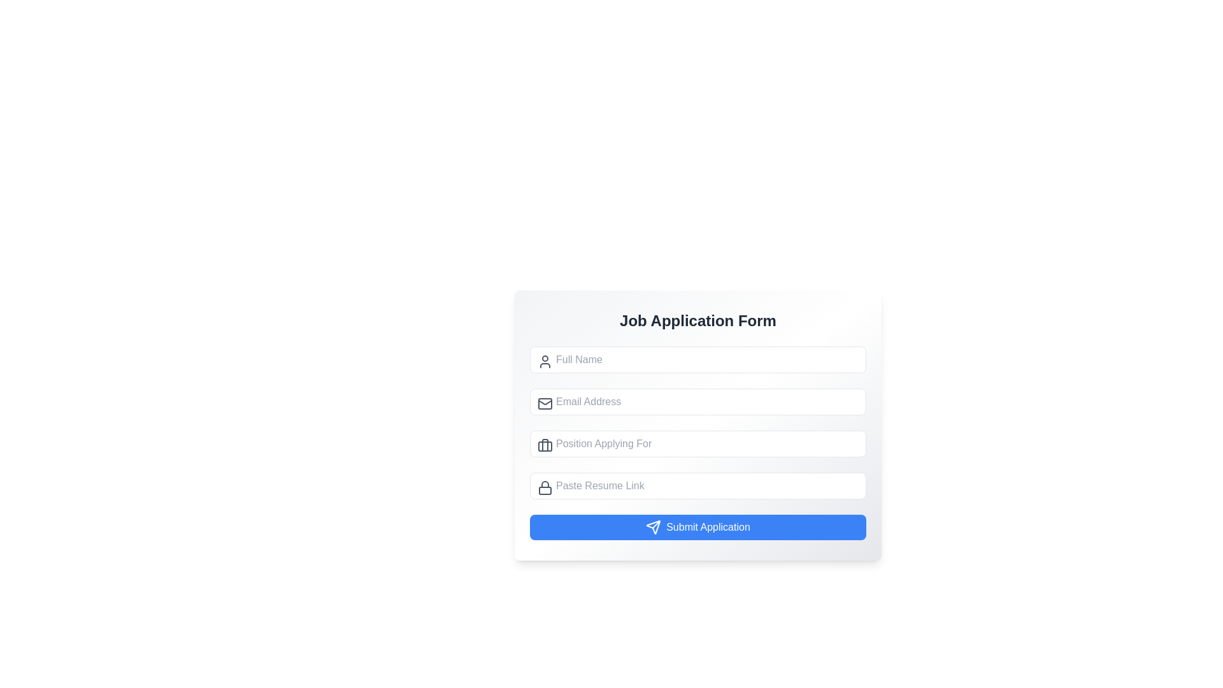  Describe the element at coordinates (545, 403) in the screenshot. I see `the email icon, which is a simple envelope outline with a thin gray stroke, located to the left of the 'Email Address' placeholder in the second input field of the job application form` at that location.